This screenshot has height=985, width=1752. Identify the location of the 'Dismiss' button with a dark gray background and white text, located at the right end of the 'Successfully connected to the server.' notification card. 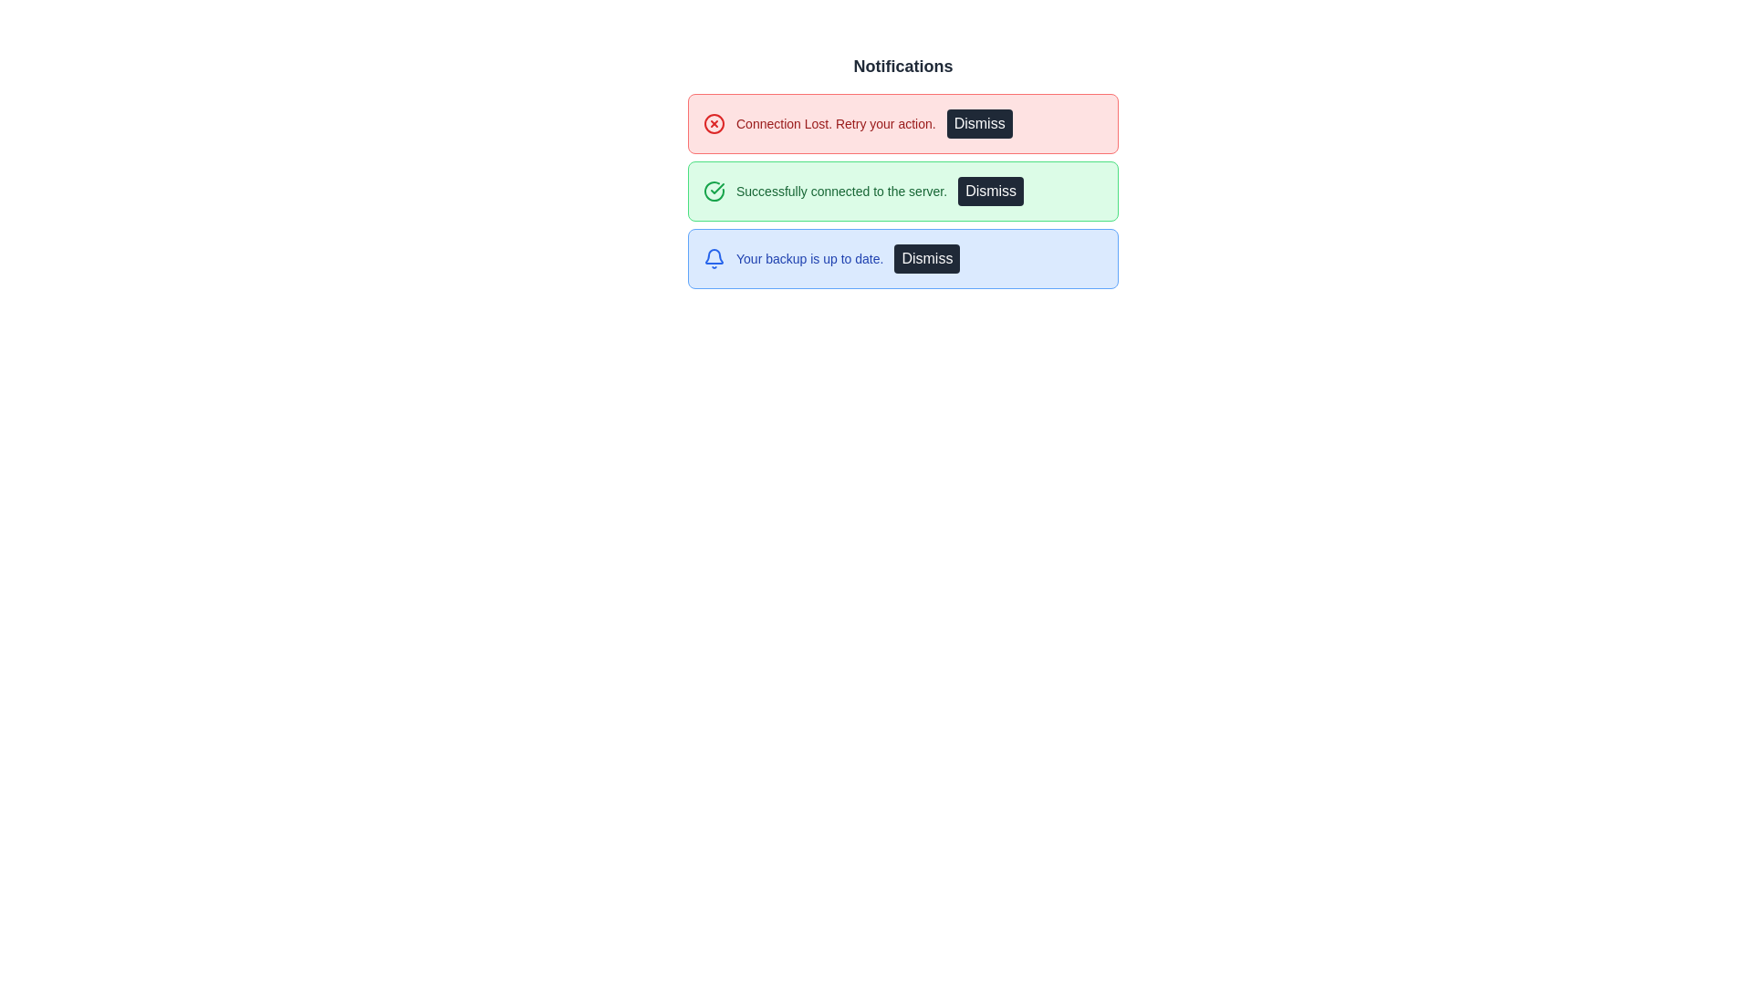
(990, 191).